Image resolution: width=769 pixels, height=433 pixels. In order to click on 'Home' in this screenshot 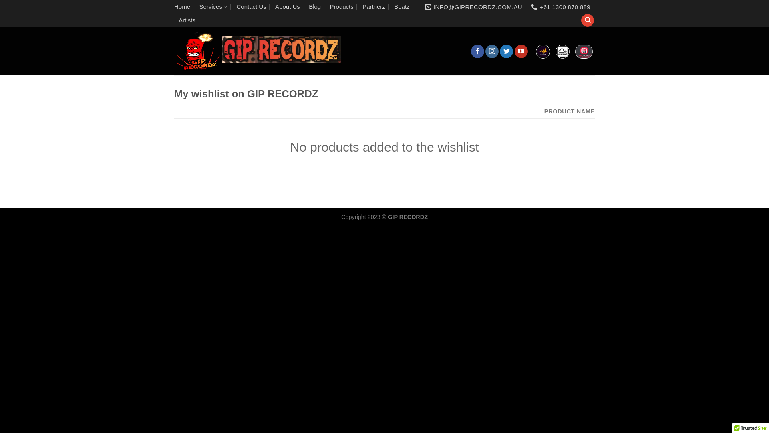, I will do `click(174, 6)`.